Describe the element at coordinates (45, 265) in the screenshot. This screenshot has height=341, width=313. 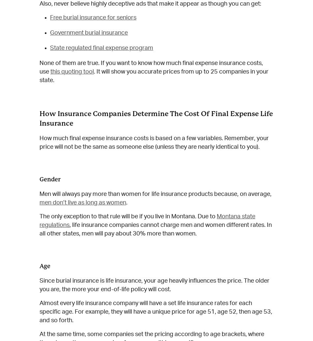
I see `'Age'` at that location.